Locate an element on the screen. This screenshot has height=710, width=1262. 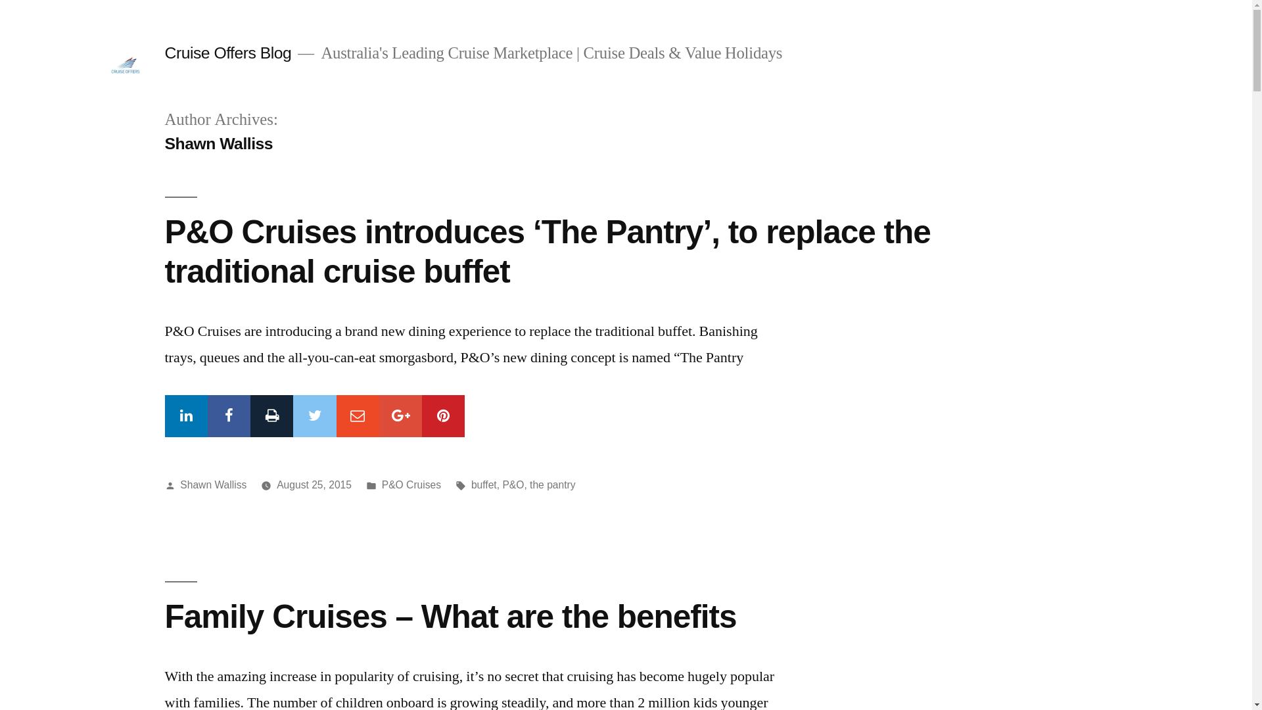
'P&O' is located at coordinates (512, 485).